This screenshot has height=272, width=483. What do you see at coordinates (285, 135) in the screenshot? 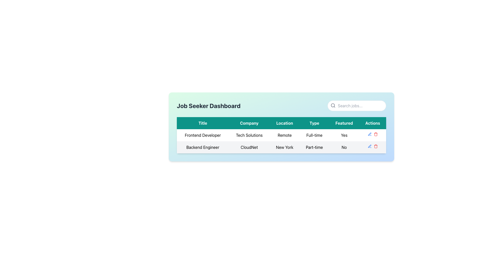
I see `the text label 'Remote' located in the third column of the first row under 'Location' in a job details table` at bounding box center [285, 135].